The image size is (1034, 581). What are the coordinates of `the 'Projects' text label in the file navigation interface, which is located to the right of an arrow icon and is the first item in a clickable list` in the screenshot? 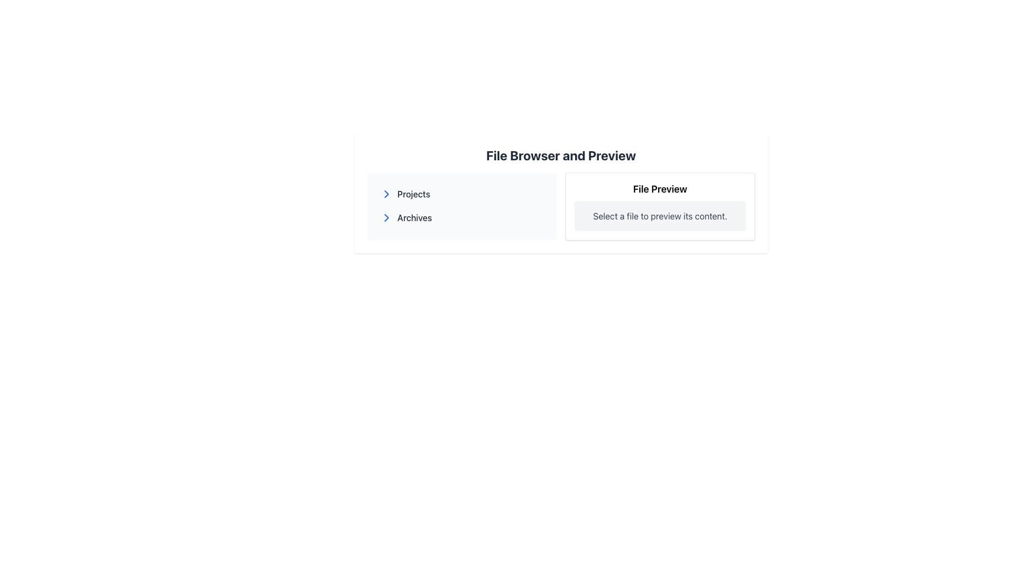 It's located at (413, 194).